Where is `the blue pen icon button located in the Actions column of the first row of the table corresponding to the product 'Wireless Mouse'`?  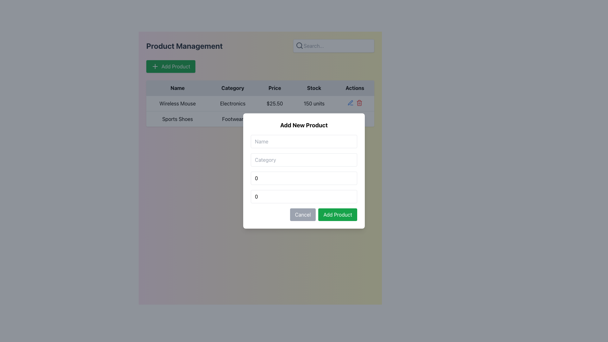 the blue pen icon button located in the Actions column of the first row of the table corresponding to the product 'Wireless Mouse' is located at coordinates (350, 102).